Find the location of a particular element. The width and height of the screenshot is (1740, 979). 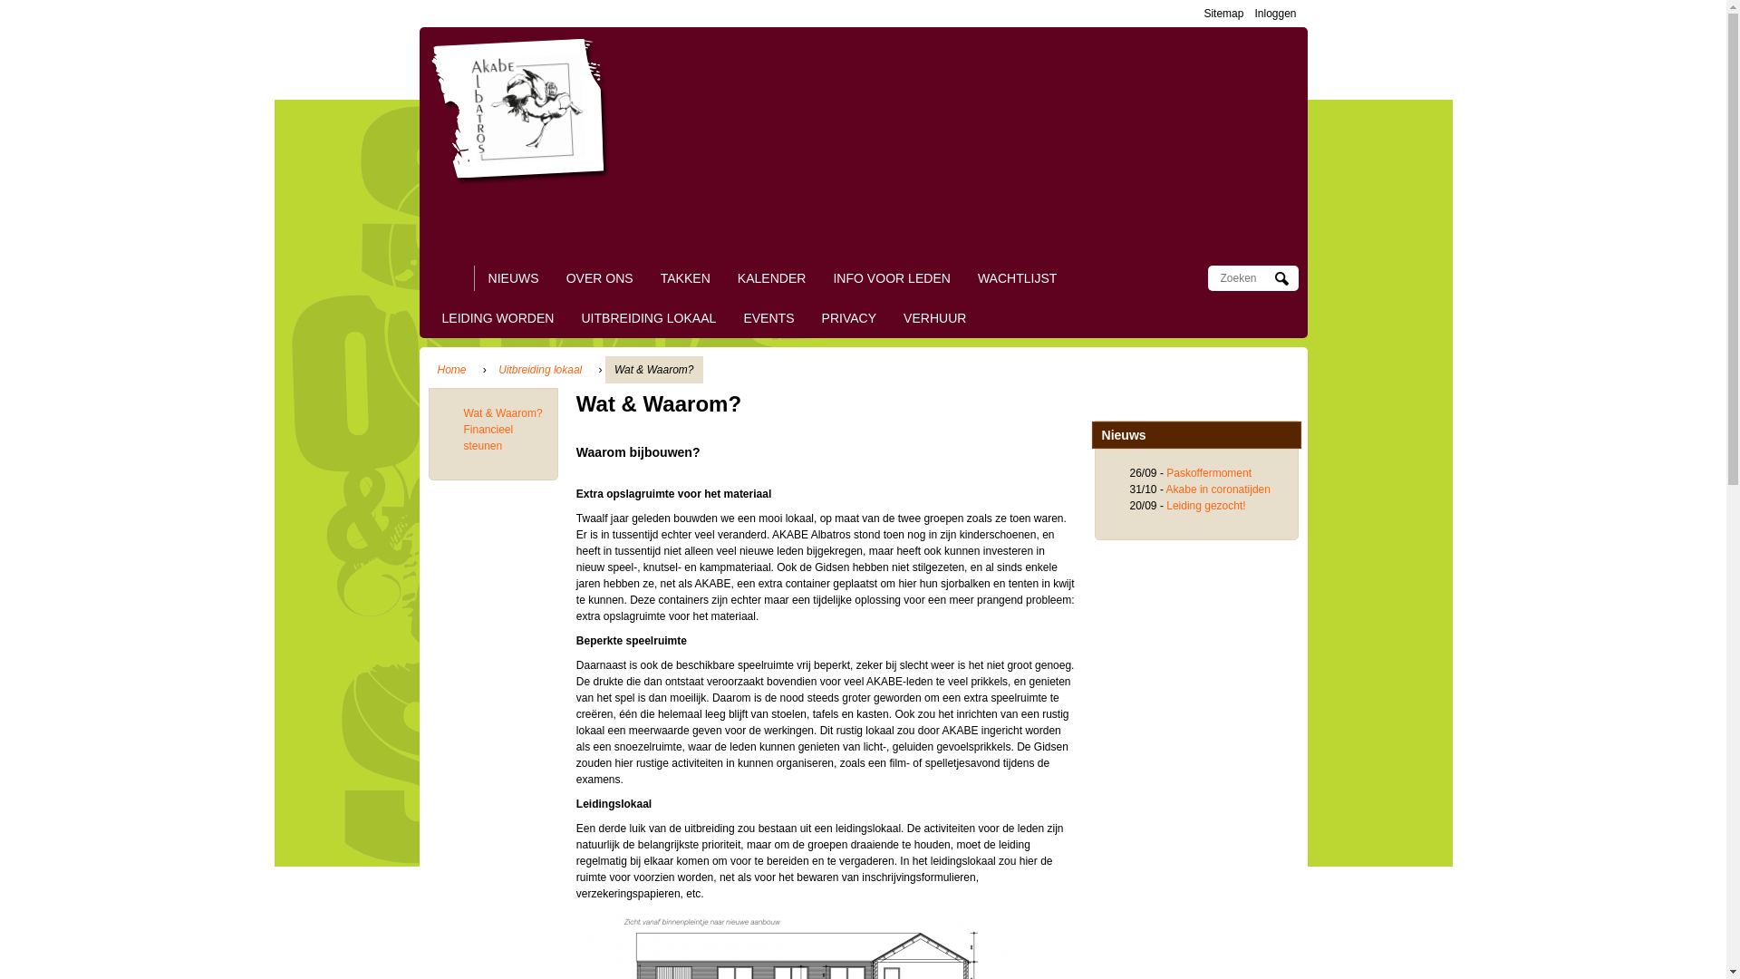

'Uitbreiding lokaal' is located at coordinates (538, 369).